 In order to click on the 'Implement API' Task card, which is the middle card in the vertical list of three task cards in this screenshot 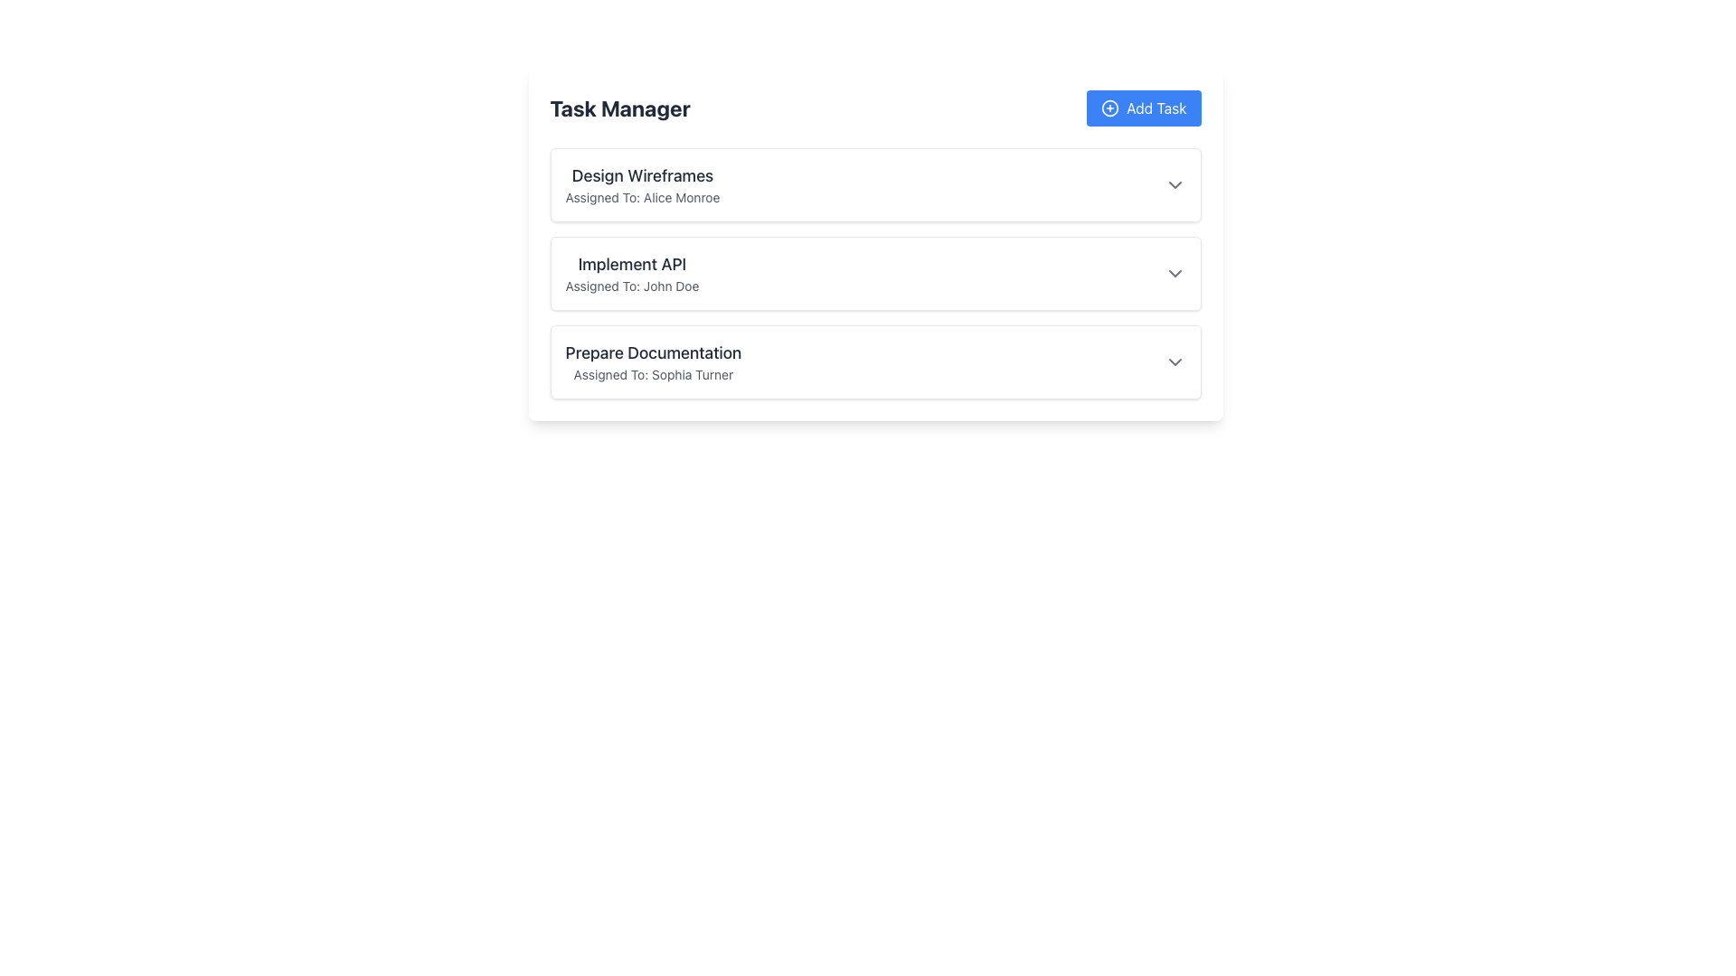, I will do `click(875, 244)`.